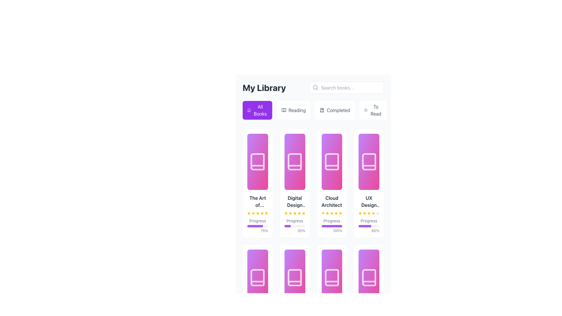 The image size is (562, 316). Describe the element at coordinates (260, 110) in the screenshot. I see `the first navigation option in the library-like interface` at that location.